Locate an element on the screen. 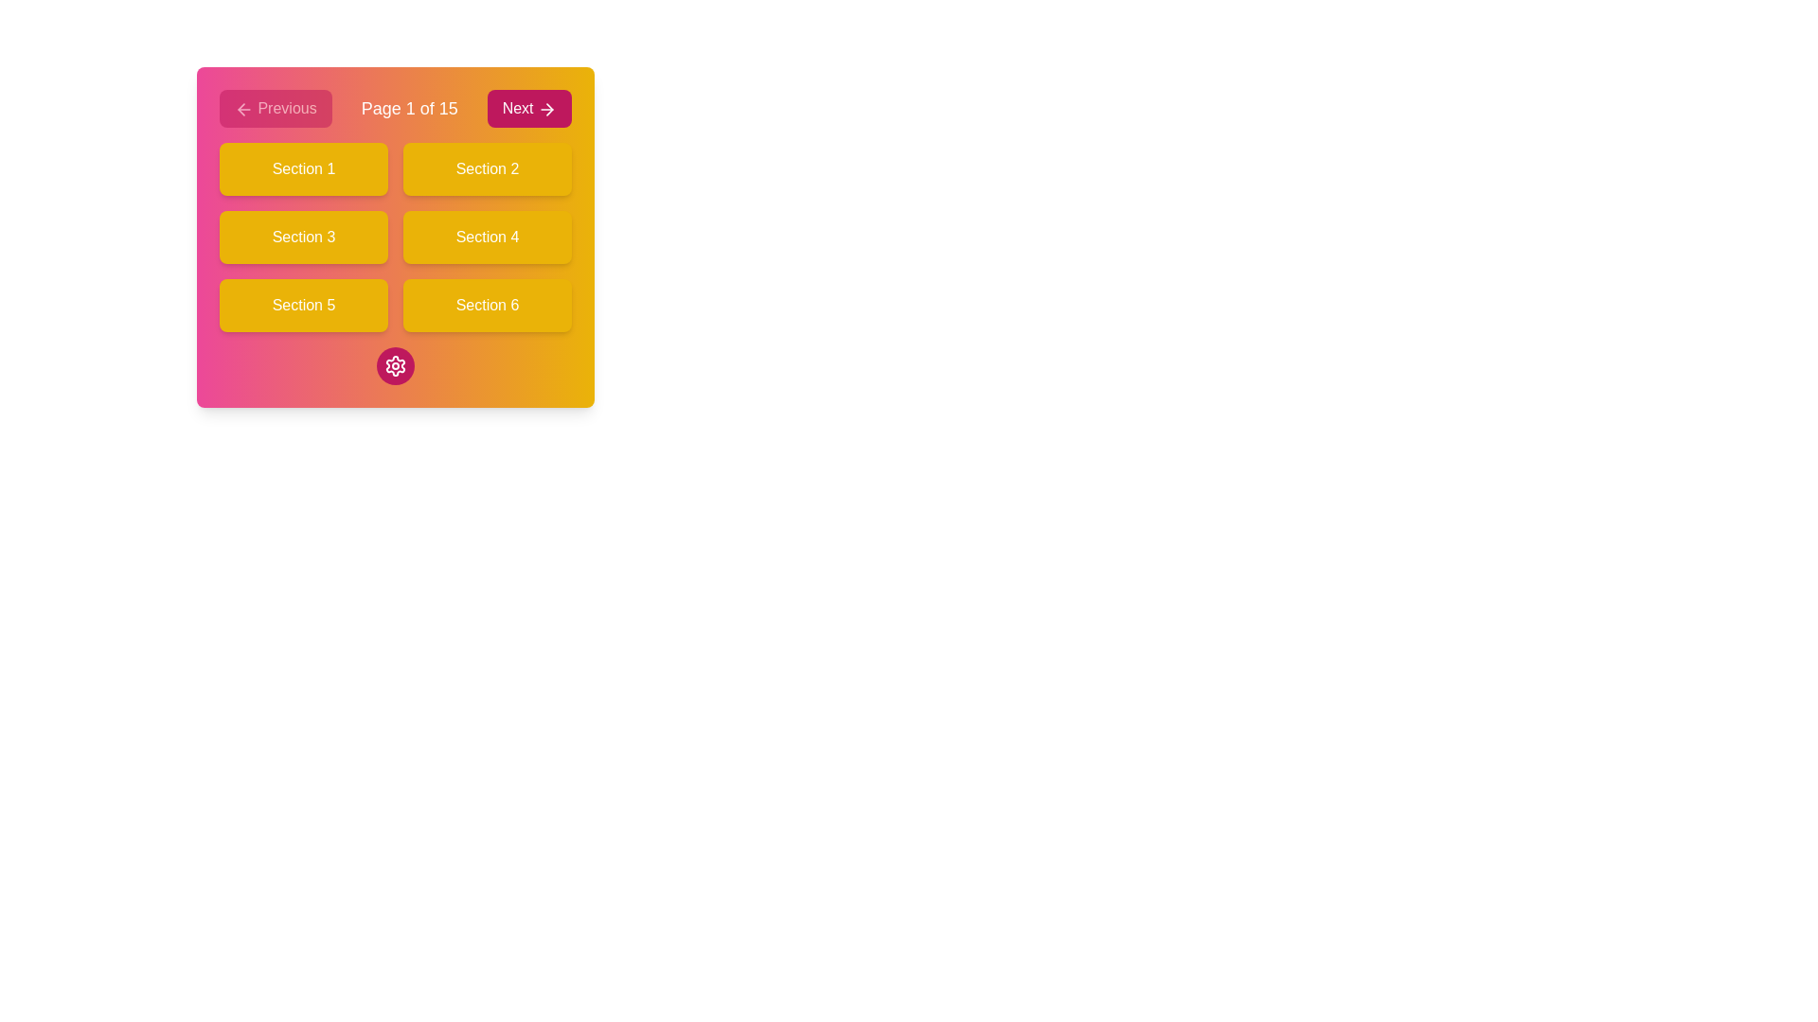 This screenshot has height=1022, width=1818. the button that navigates to 'Section 2' to observe hover styling effects is located at coordinates (487, 167).